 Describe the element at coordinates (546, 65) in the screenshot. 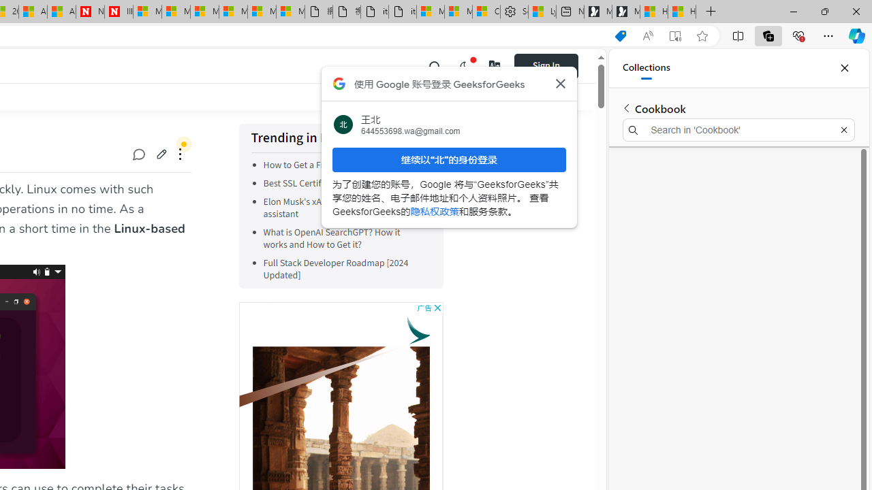

I see `'Sign In'` at that location.